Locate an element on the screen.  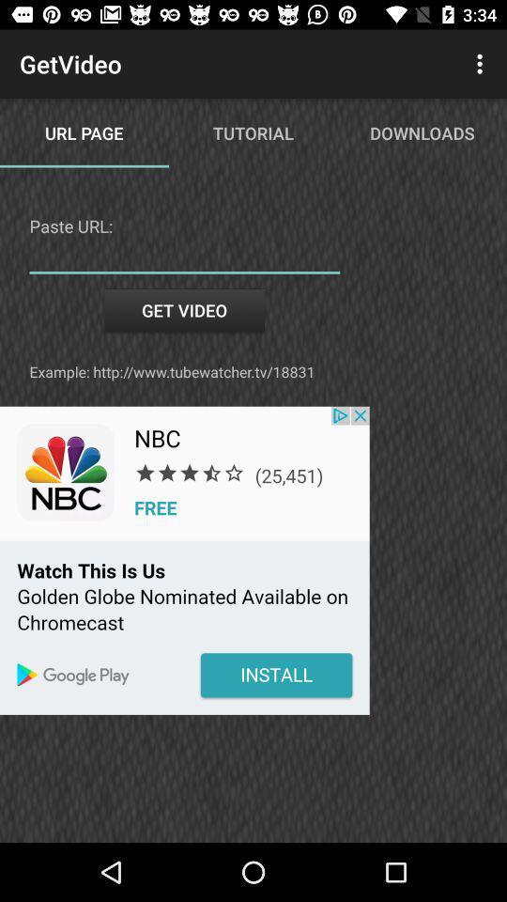
color print is located at coordinates (184, 560).